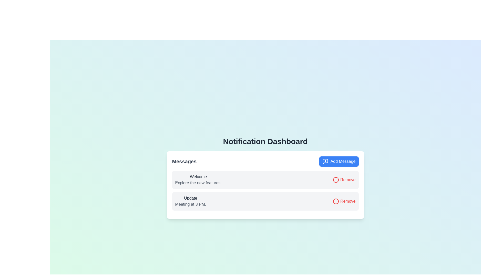 This screenshot has height=276, width=492. Describe the element at coordinates (265, 142) in the screenshot. I see `the title text located near the top center of the interface, under a gradient background, to possibly trigger navigation` at that location.